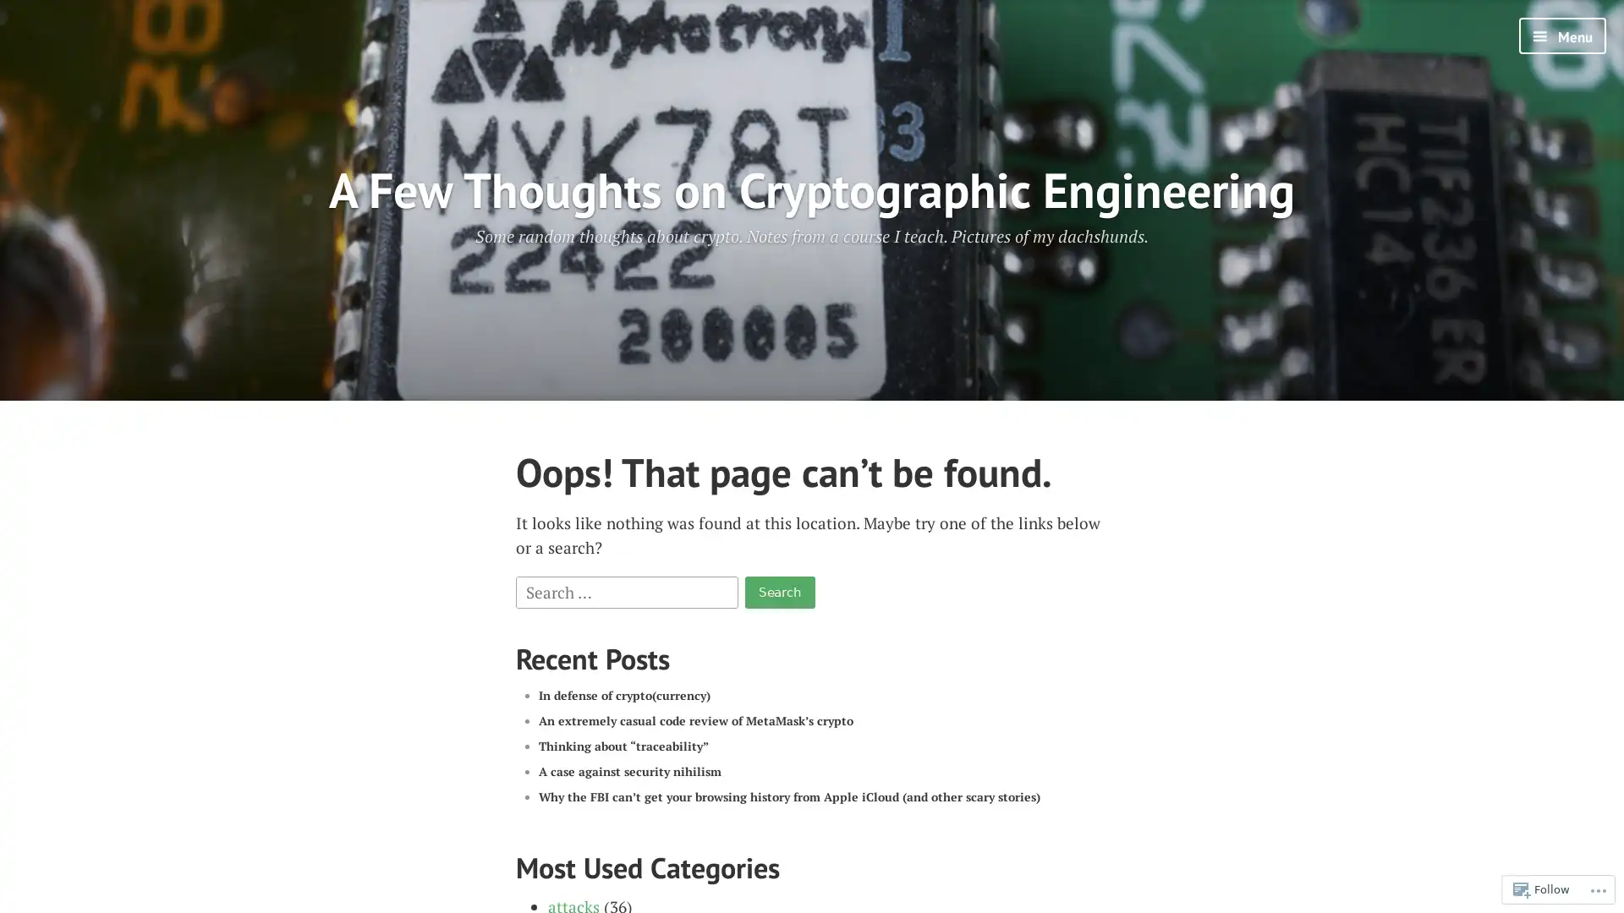  I want to click on Menu, so click(1561, 36).